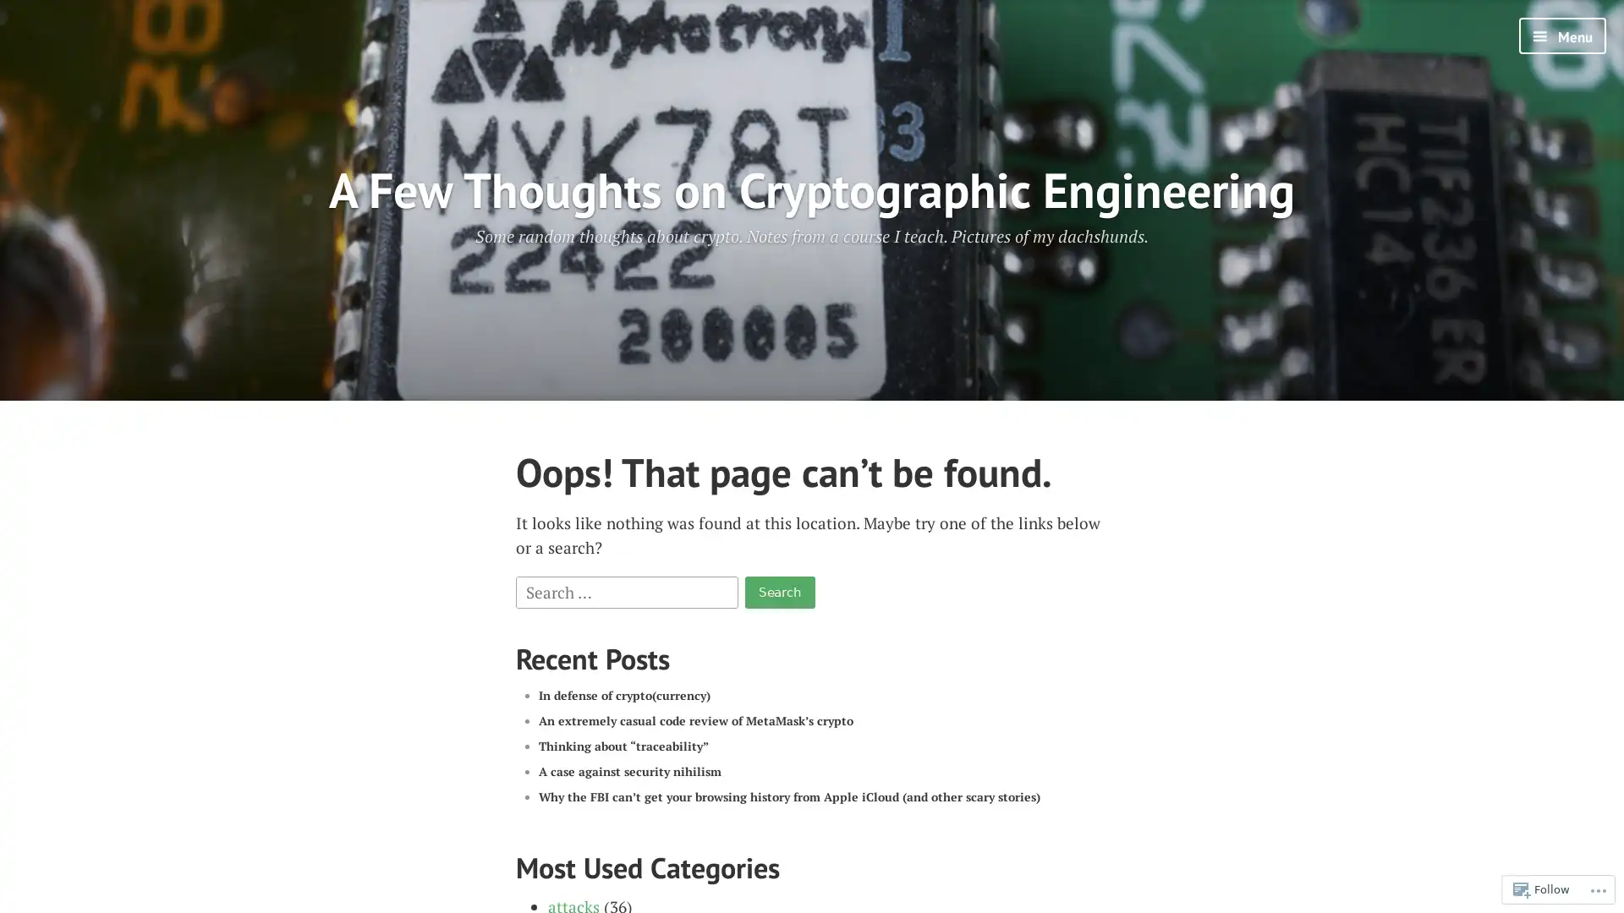  I want to click on Menu, so click(1561, 36).